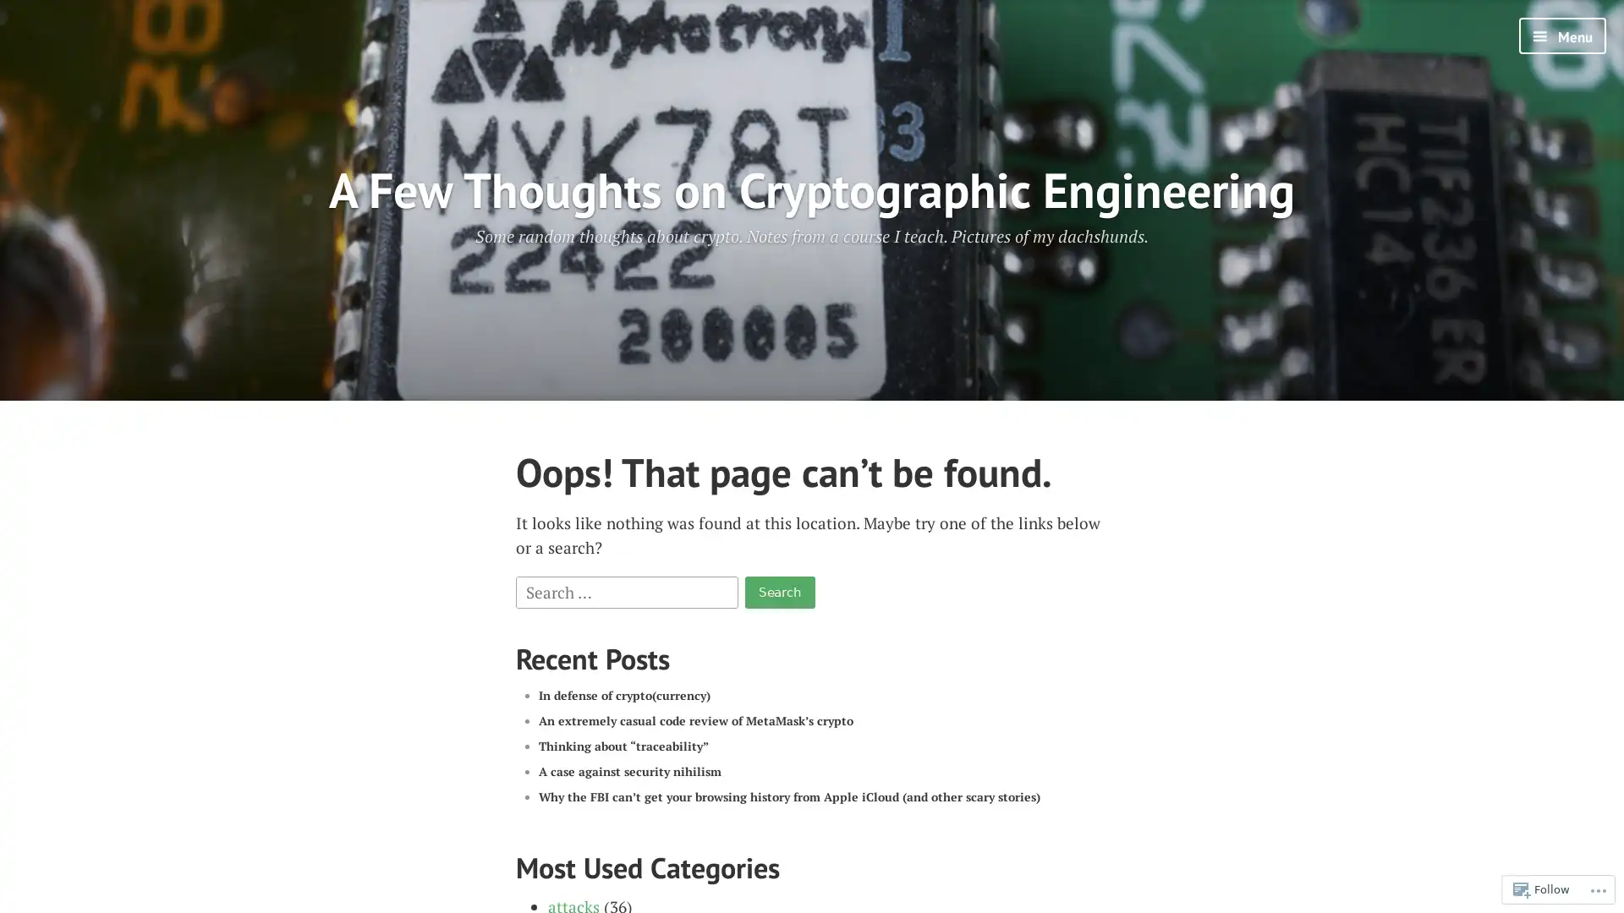  I want to click on Menu, so click(1561, 36).